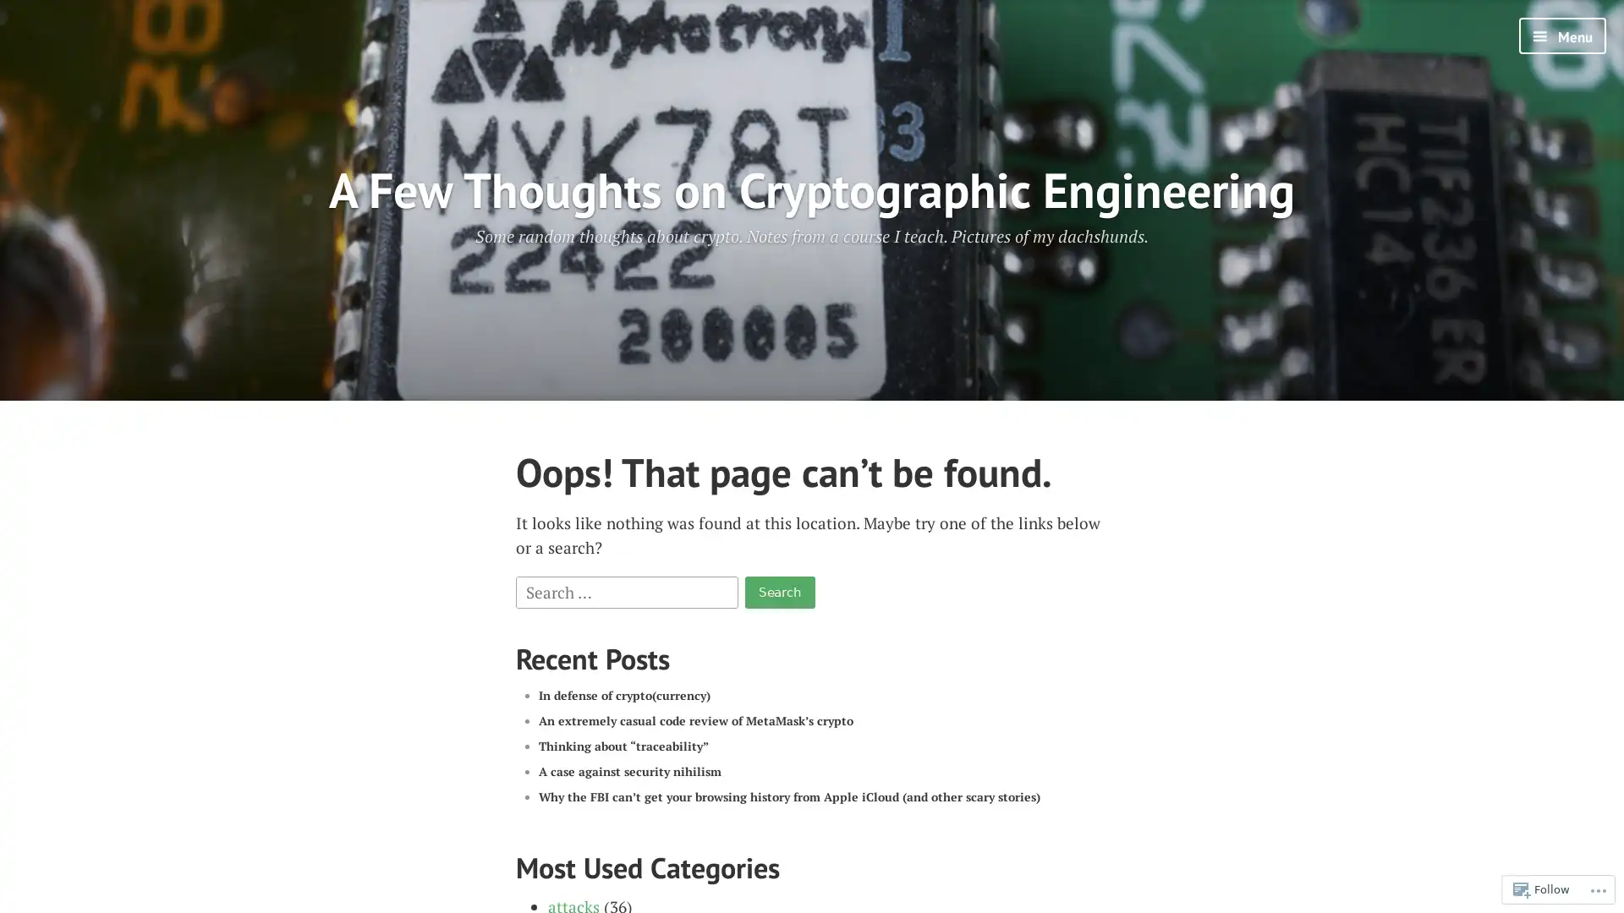  I want to click on Menu, so click(1561, 36).